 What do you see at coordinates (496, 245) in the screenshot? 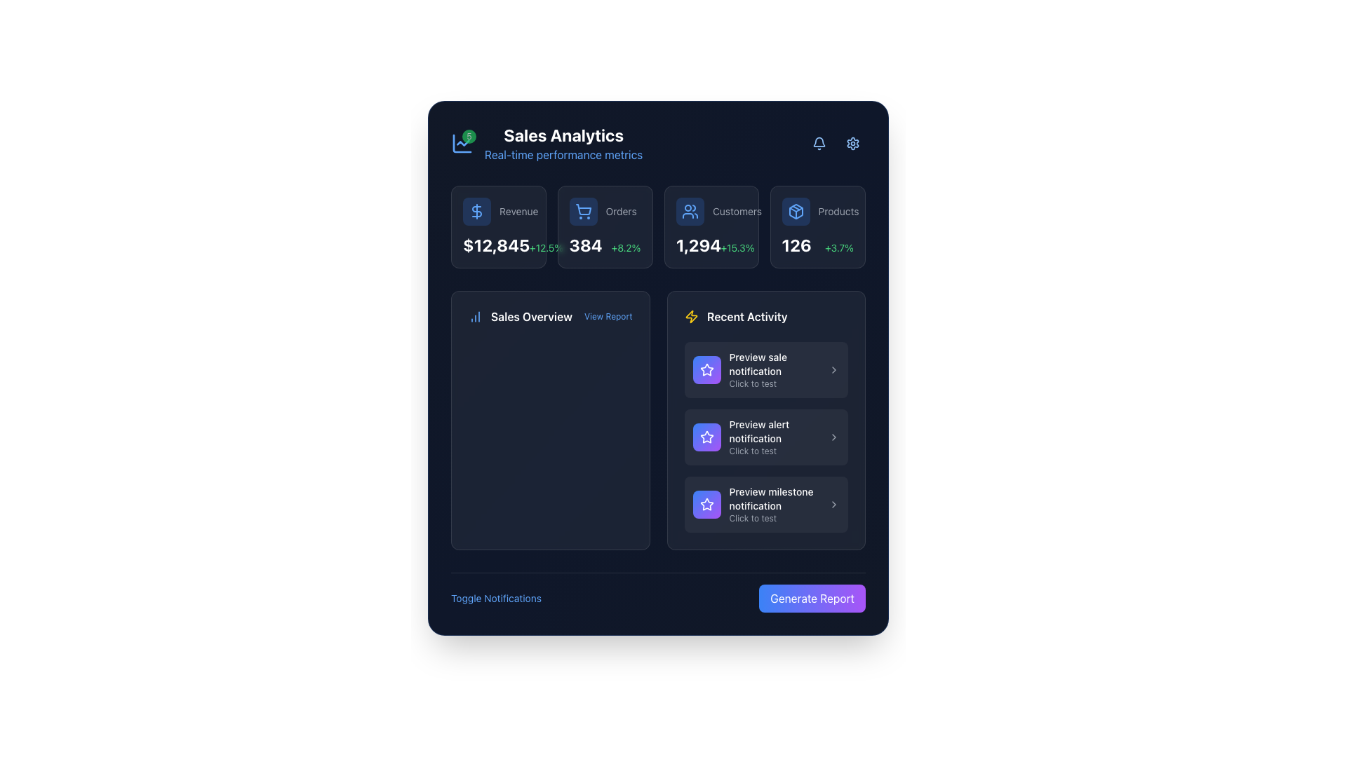
I see `total revenue metric displayed on the text label located prominently to the left of a smaller green text showing the percentage '+12.5%' within the first card on the dashboard` at bounding box center [496, 245].